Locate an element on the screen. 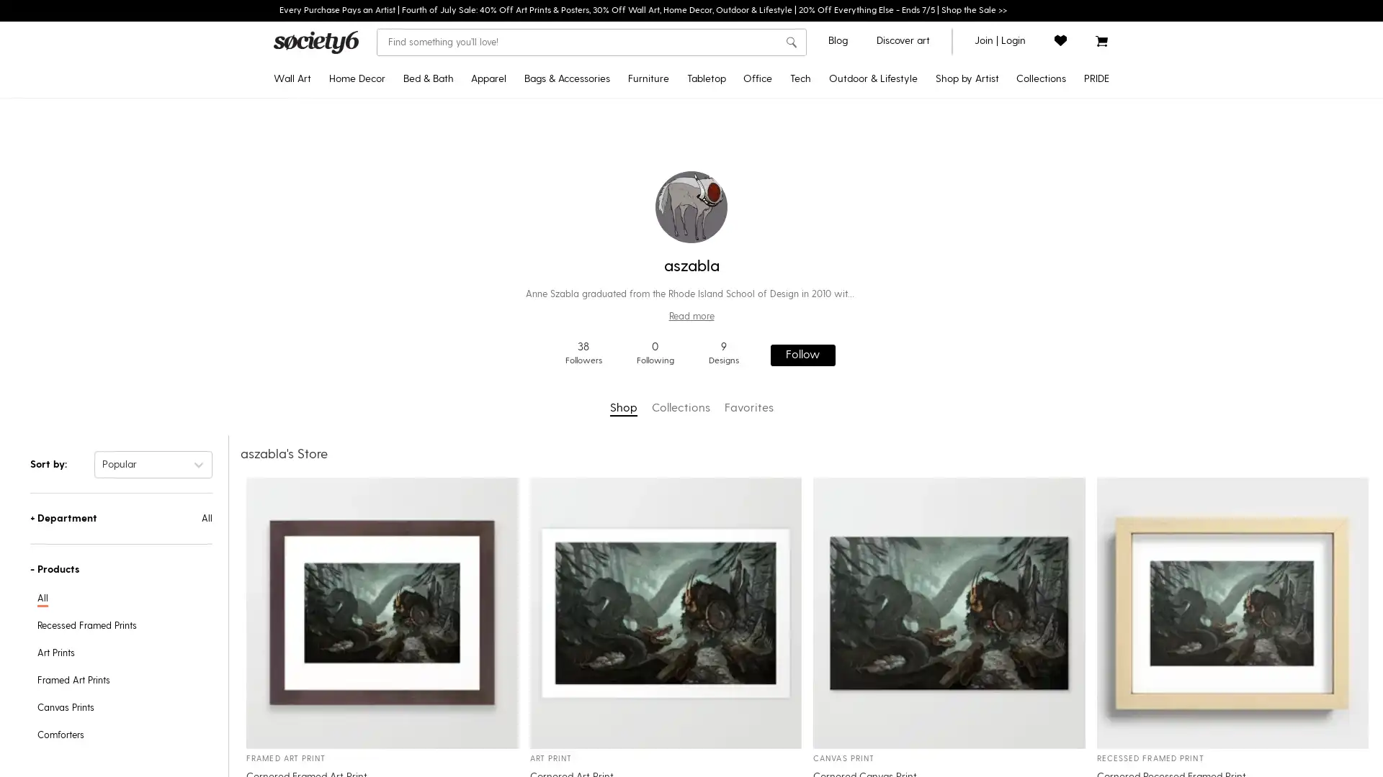 The height and width of the screenshot is (777, 1383). Hand & Bath Towels is located at coordinates (459, 230).